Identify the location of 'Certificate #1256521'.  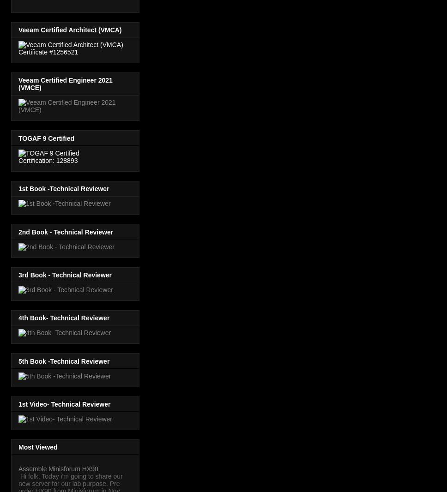
(48, 51).